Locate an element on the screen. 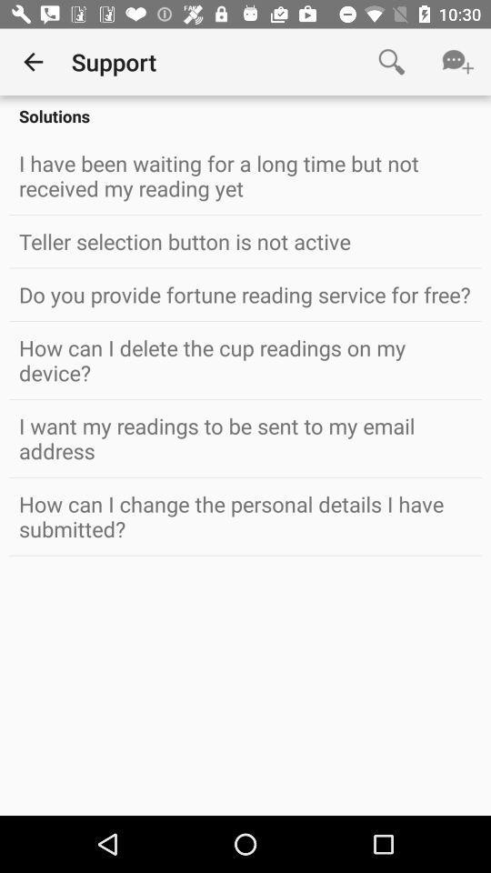 This screenshot has width=491, height=873. the icon above how can i icon is located at coordinates (245, 295).